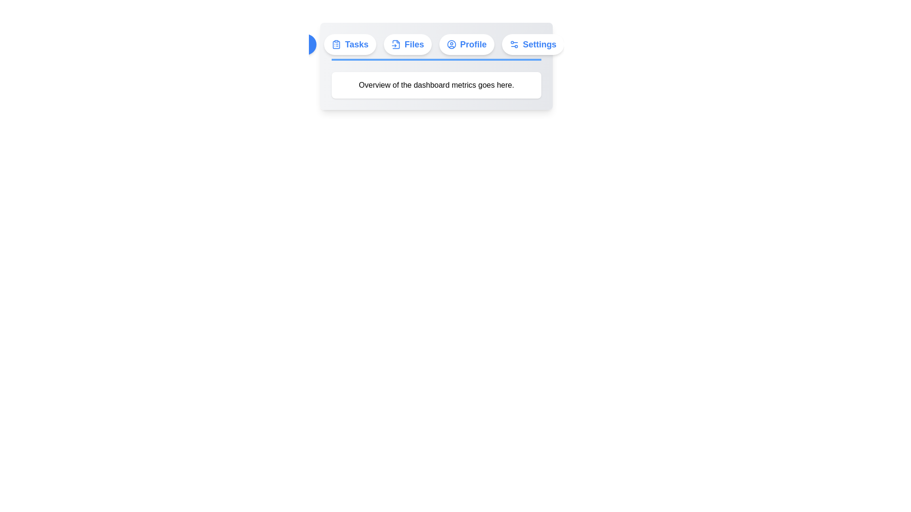 Image resolution: width=911 pixels, height=512 pixels. Describe the element at coordinates (466, 44) in the screenshot. I see `the user profile button located in the navigation bar, positioned between the 'Files' and 'Settings' buttons to trigger a hover effect` at that location.